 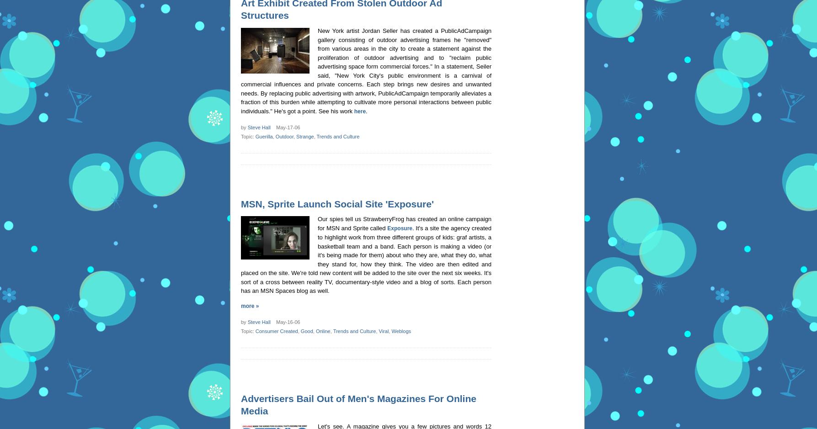 What do you see at coordinates (366, 111) in the screenshot?
I see `'.'` at bounding box center [366, 111].